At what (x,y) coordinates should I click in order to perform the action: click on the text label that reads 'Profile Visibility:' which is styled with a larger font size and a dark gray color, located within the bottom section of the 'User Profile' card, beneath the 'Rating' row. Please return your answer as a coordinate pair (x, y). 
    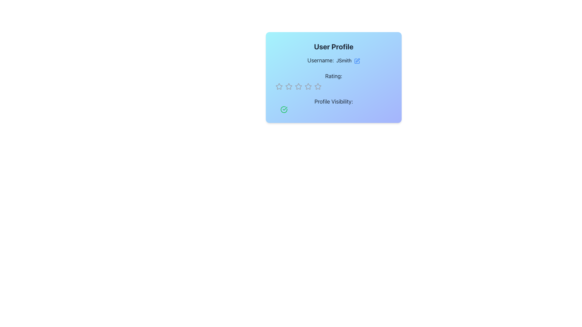
    Looking at the image, I should click on (333, 101).